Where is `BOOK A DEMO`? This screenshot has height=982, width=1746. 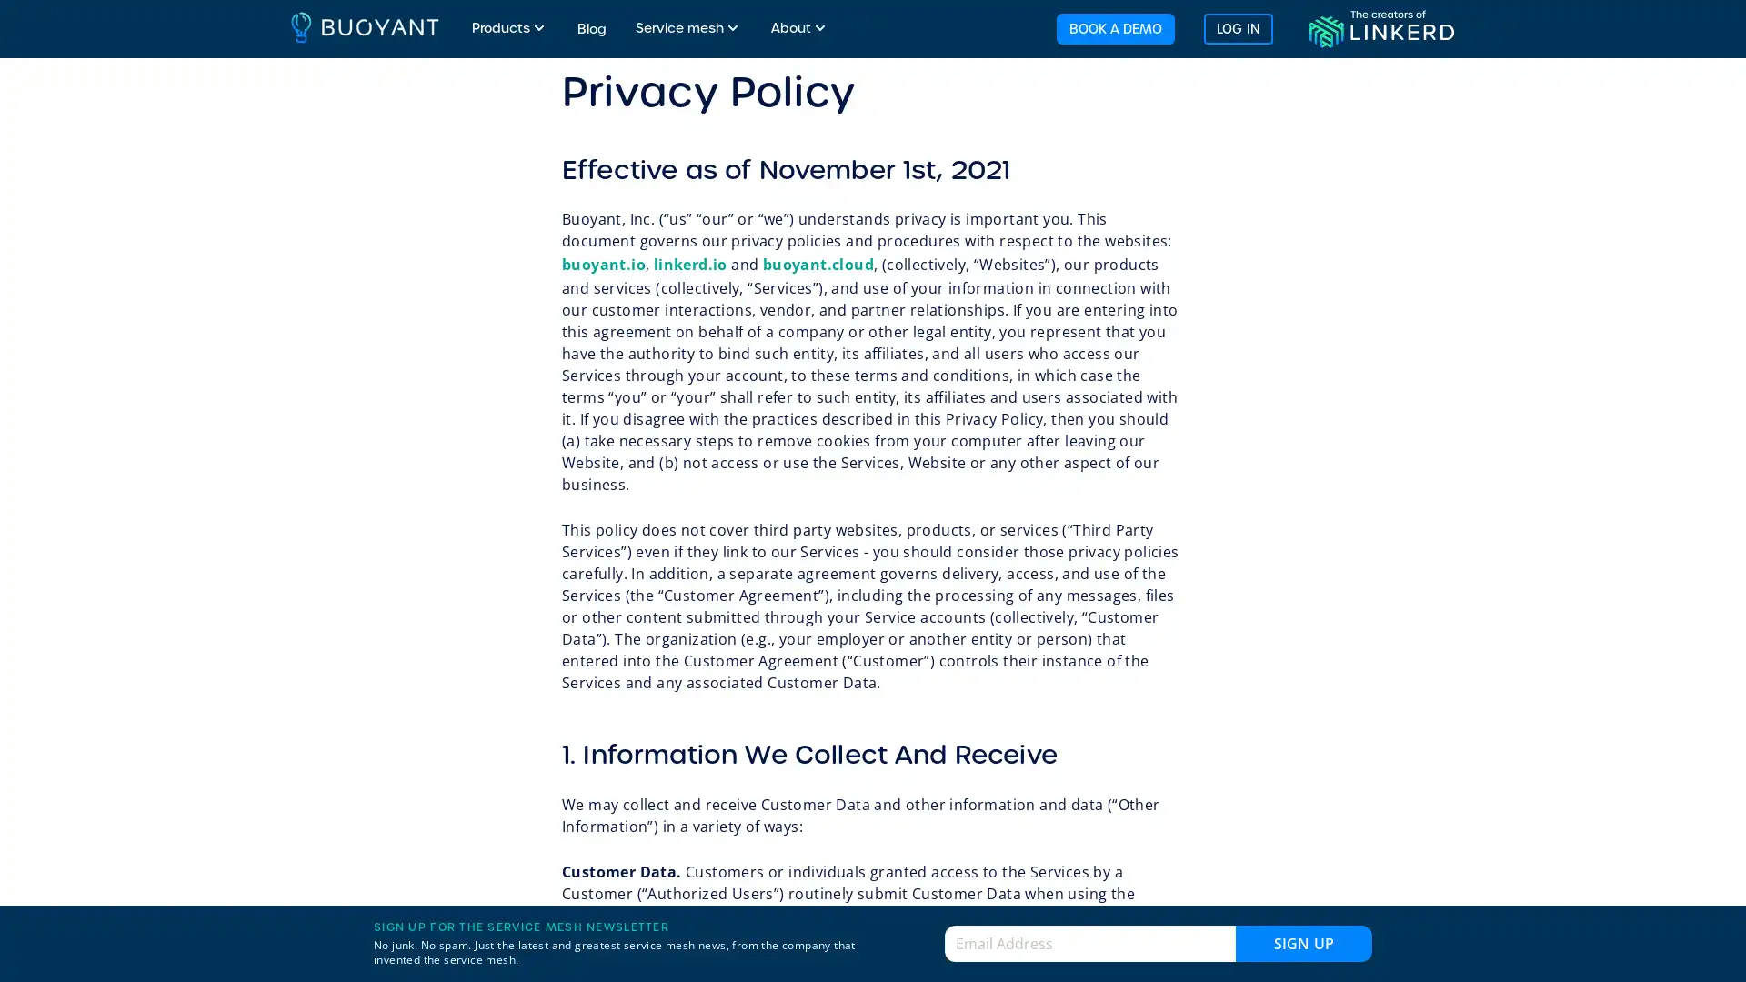 BOOK A DEMO is located at coordinates (1113, 27).